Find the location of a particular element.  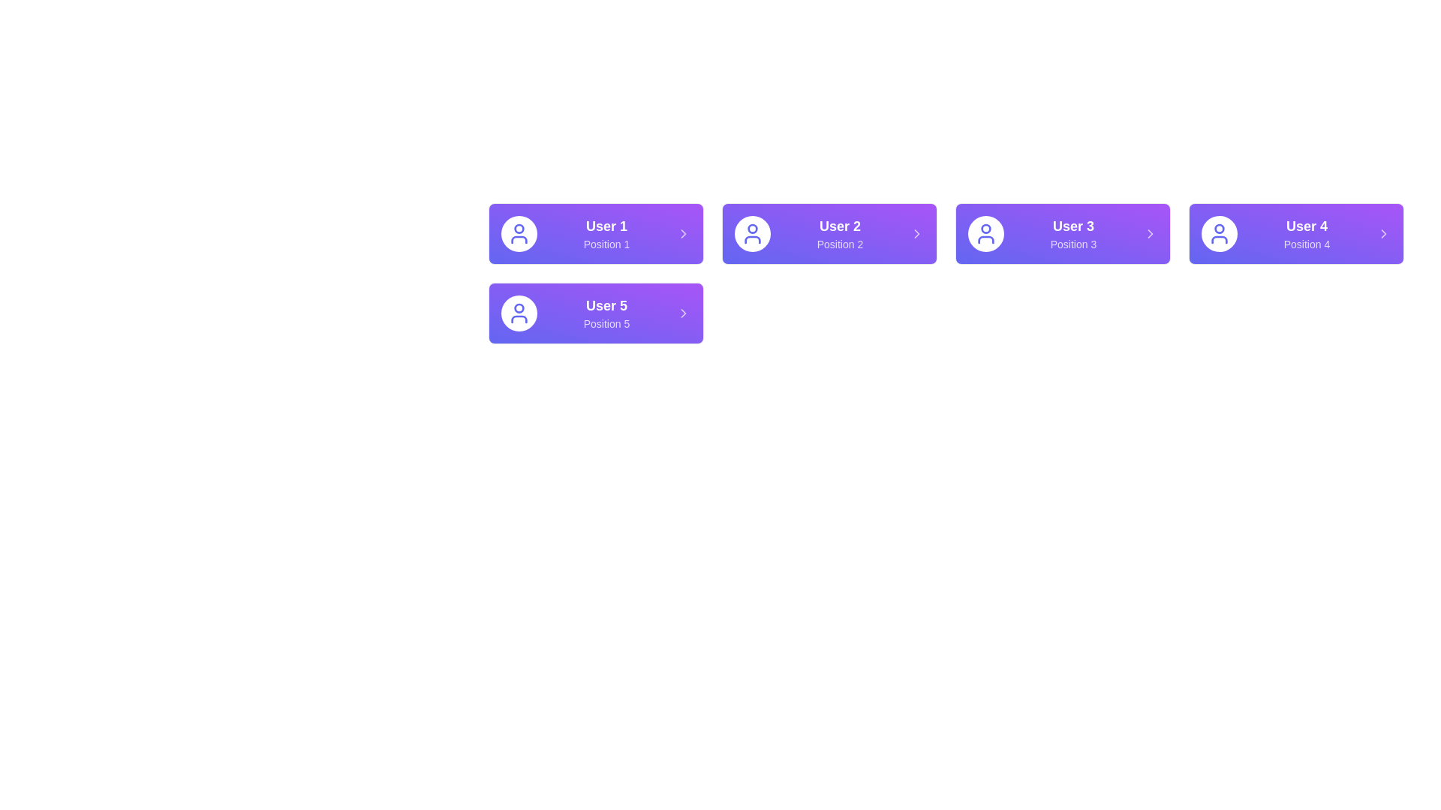

the text label 'User 3', which is styled with a bold font and larger size, located on a purple background in the center of the interface is located at coordinates (1072, 226).